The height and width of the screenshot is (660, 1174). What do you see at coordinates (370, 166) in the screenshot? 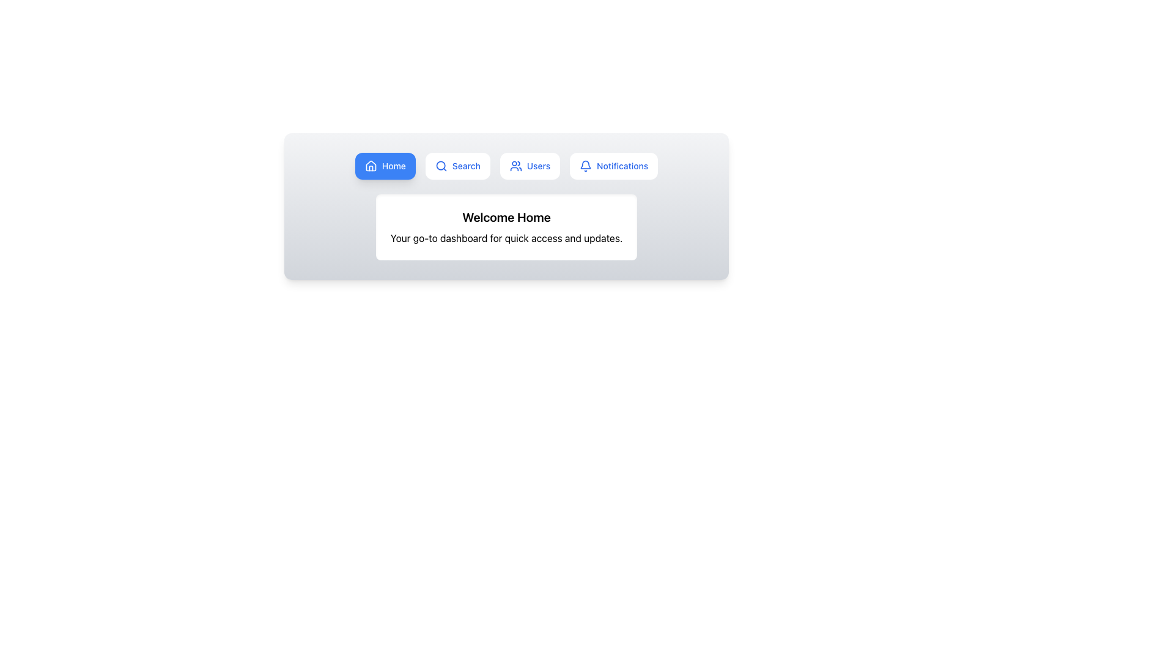
I see `the 'Home' icon located before the text label 'Home' in the navigation button` at bounding box center [370, 166].